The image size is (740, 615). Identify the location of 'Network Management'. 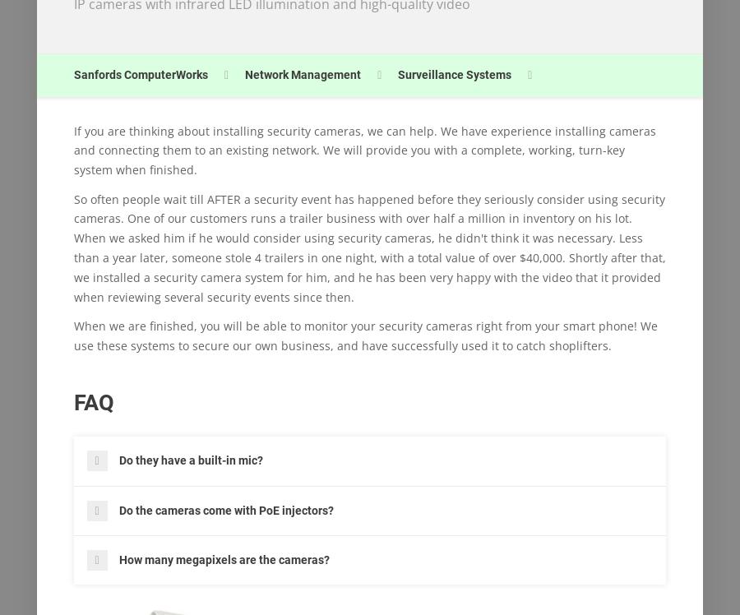
(303, 72).